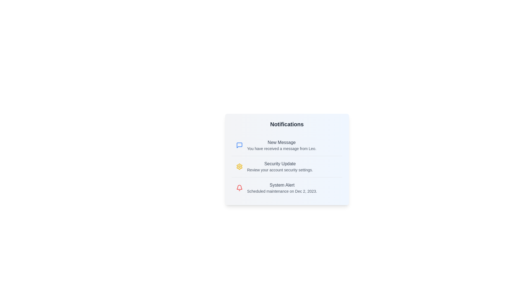  Describe the element at coordinates (239, 145) in the screenshot. I see `the notification icon corresponding to New Message` at that location.